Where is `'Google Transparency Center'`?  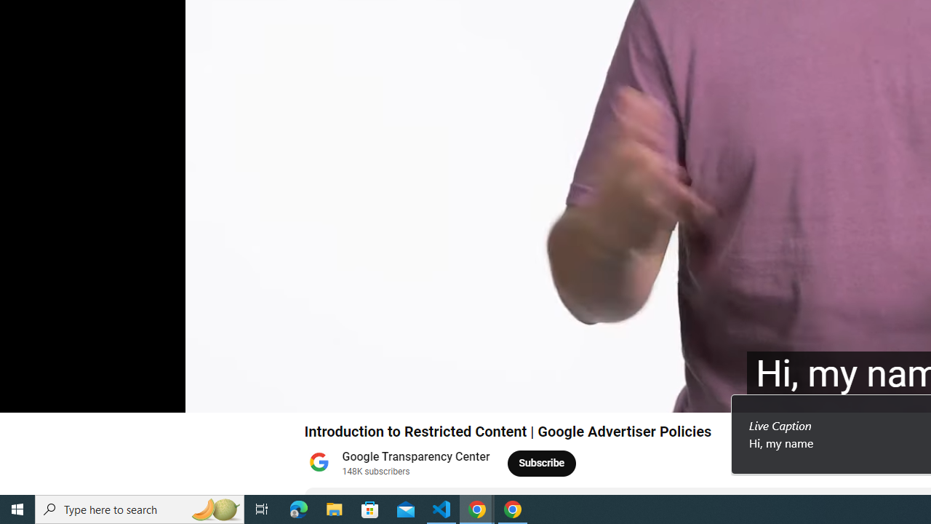 'Google Transparency Center' is located at coordinates (415, 456).